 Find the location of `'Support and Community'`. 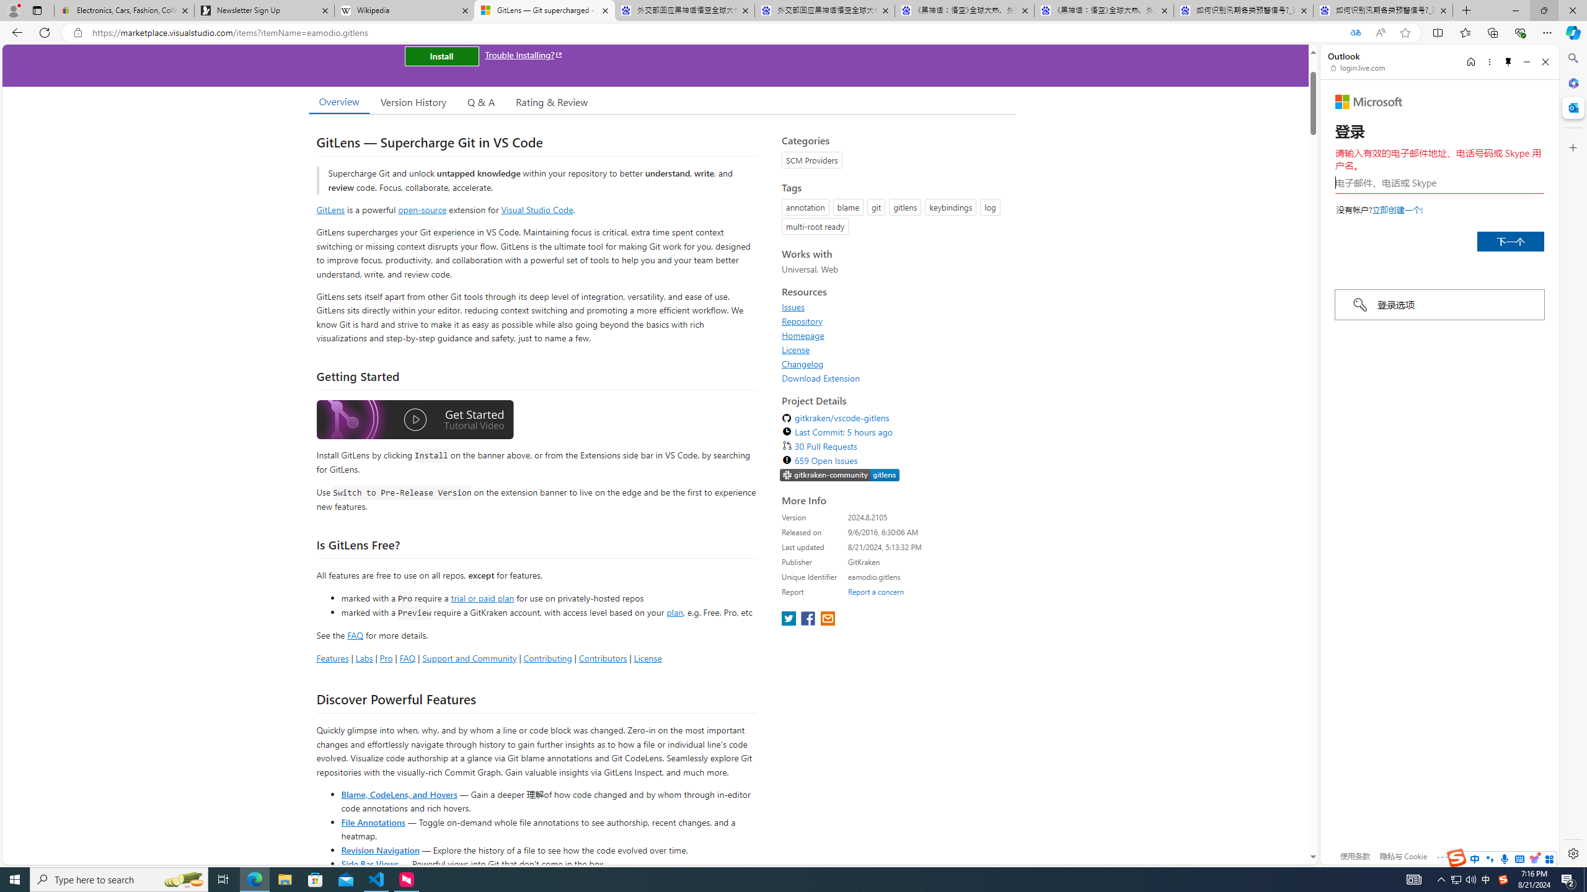

'Support and Community' is located at coordinates (469, 657).